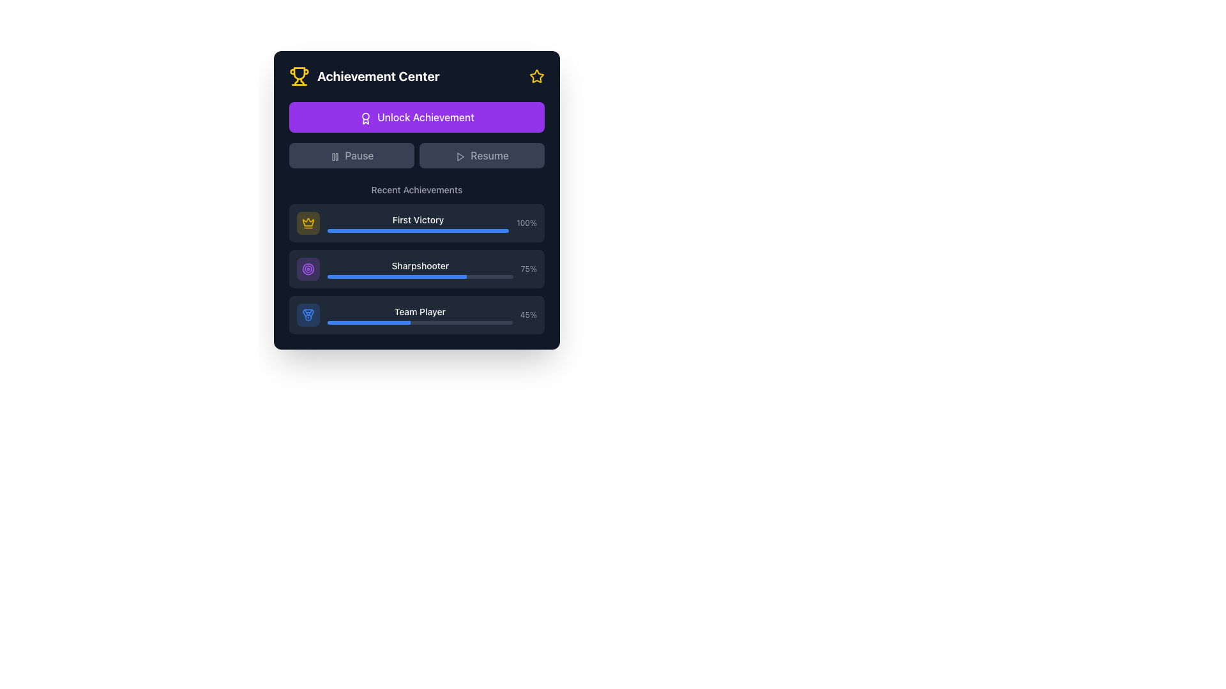  I want to click on the decorative SVG trophy icon element, which represents achievements in the achievement center interface, so click(301, 82).